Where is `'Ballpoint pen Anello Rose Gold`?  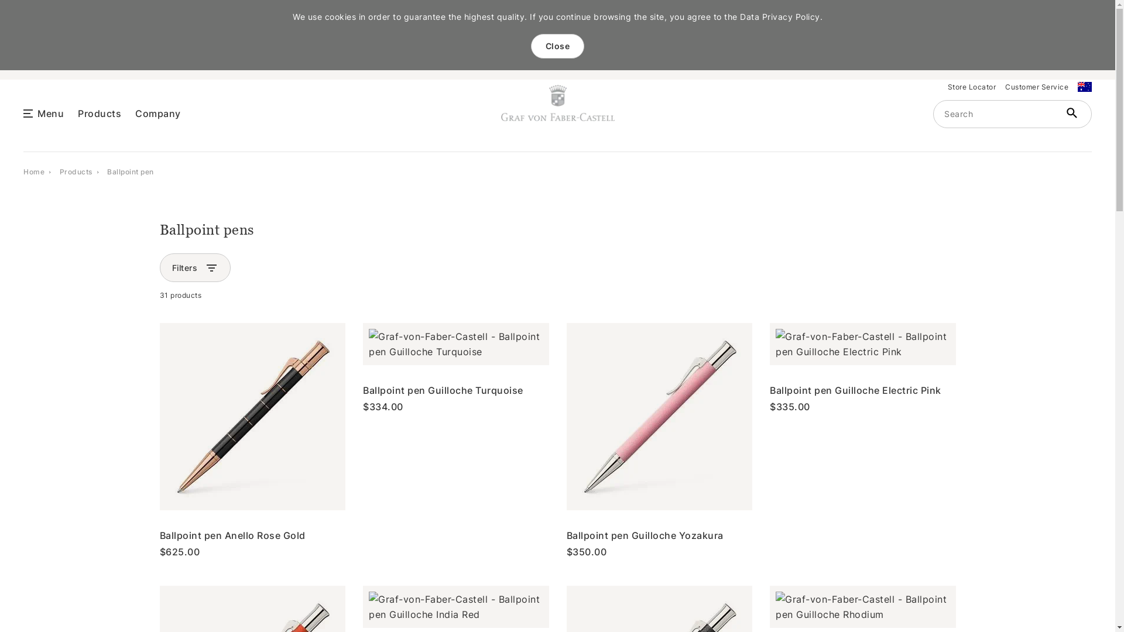
'Ballpoint pen Anello Rose Gold is located at coordinates (252, 440).